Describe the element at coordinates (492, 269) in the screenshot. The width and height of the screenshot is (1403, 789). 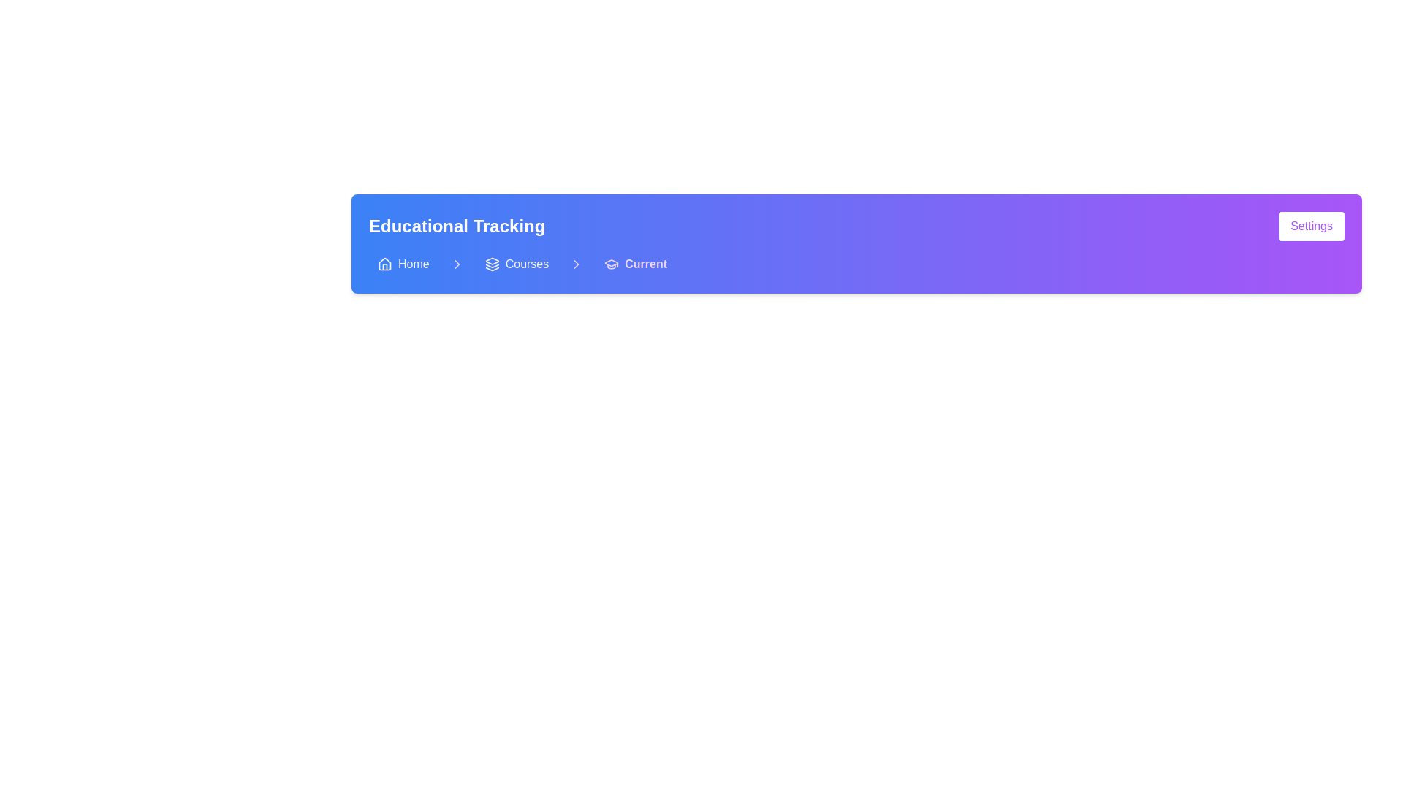
I see `the small triangular-shaped graphical element within the layers icon located in the breadcrumb navigation system, positioned between the 'Courses' and 'Current' markers` at that location.